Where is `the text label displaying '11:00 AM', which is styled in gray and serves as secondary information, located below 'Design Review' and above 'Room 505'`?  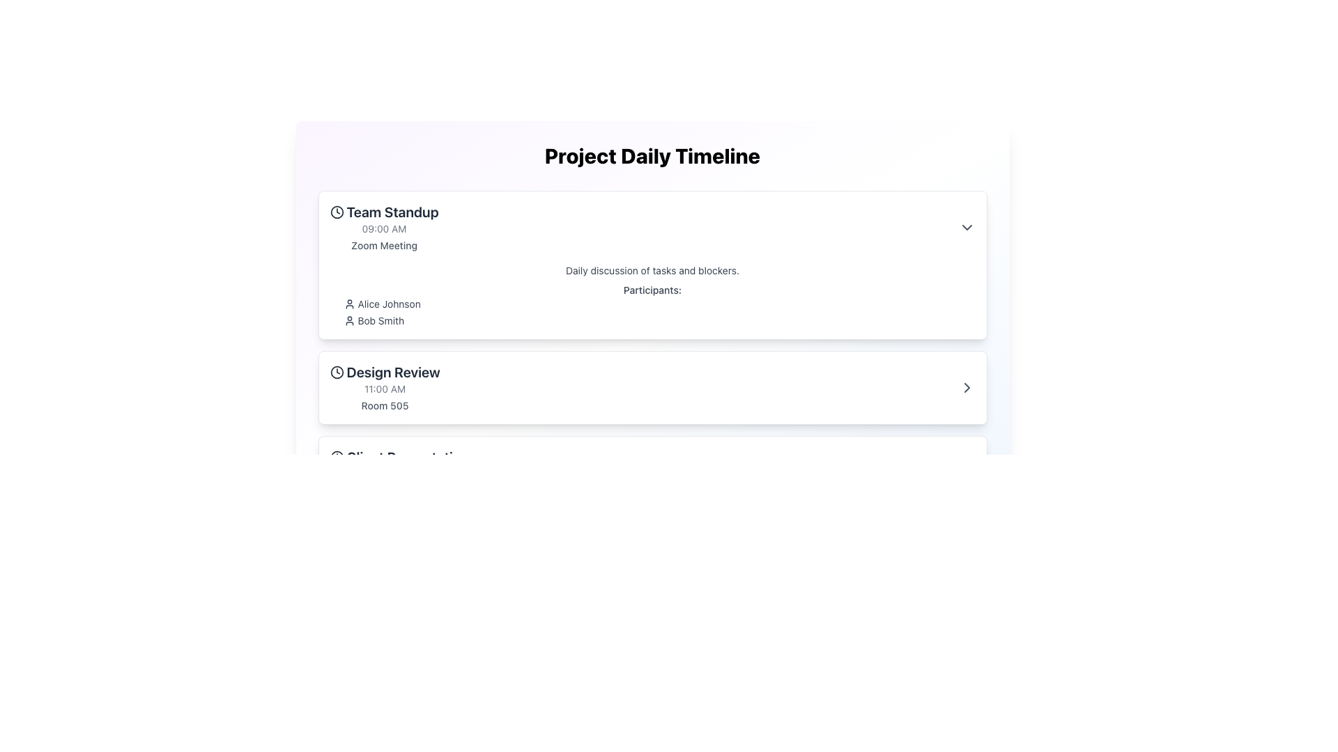
the text label displaying '11:00 AM', which is styled in gray and serves as secondary information, located below 'Design Review' and above 'Room 505' is located at coordinates (385, 389).